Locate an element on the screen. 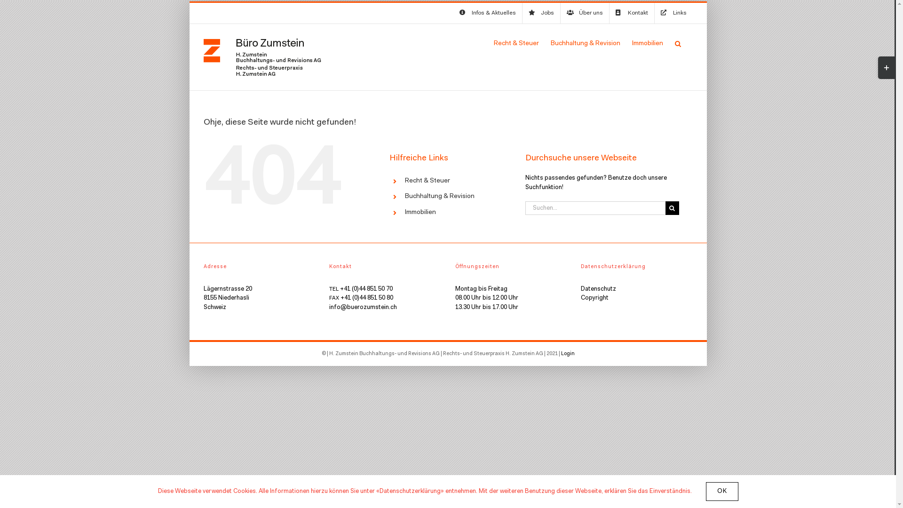 Image resolution: width=903 pixels, height=508 pixels. 'Infos & Aktuelles' is located at coordinates (487, 13).